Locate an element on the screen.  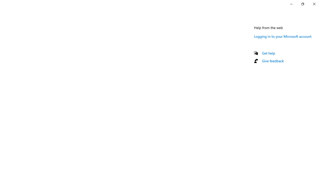
'Give feedback' is located at coordinates (272, 60).